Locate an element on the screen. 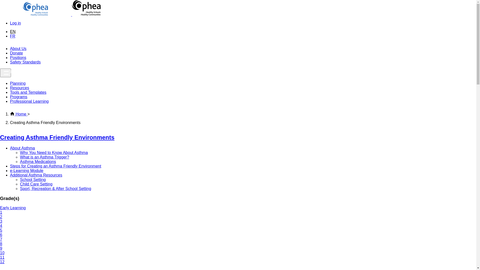 The height and width of the screenshot is (270, 480). 'Log in' is located at coordinates (15, 23).